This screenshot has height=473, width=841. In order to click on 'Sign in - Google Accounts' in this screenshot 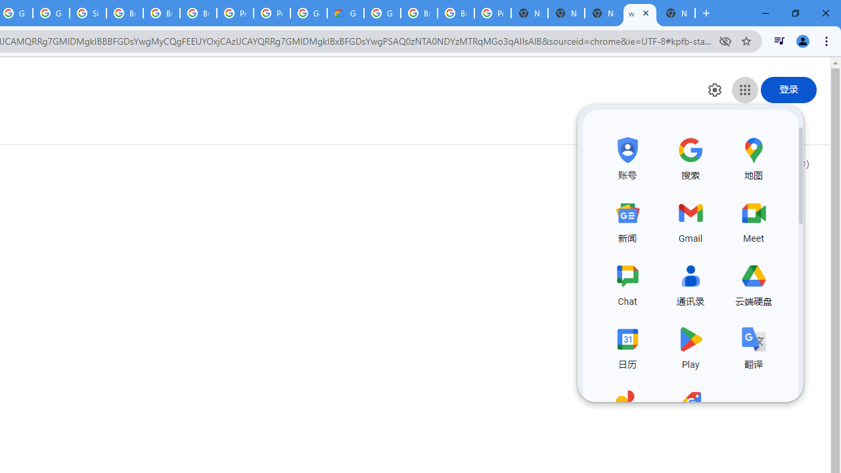, I will do `click(87, 13)`.